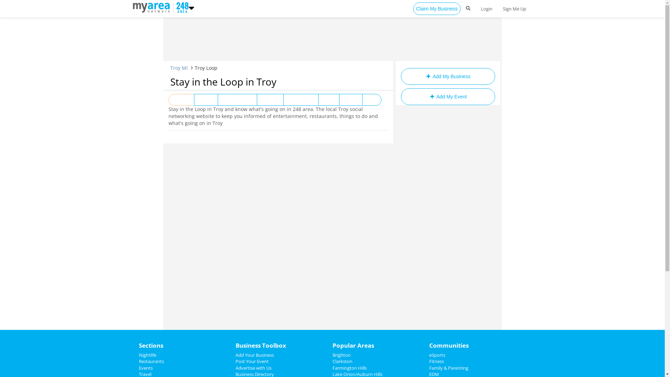  What do you see at coordinates (449, 367) in the screenshot?
I see `'Family & Parenting'` at bounding box center [449, 367].